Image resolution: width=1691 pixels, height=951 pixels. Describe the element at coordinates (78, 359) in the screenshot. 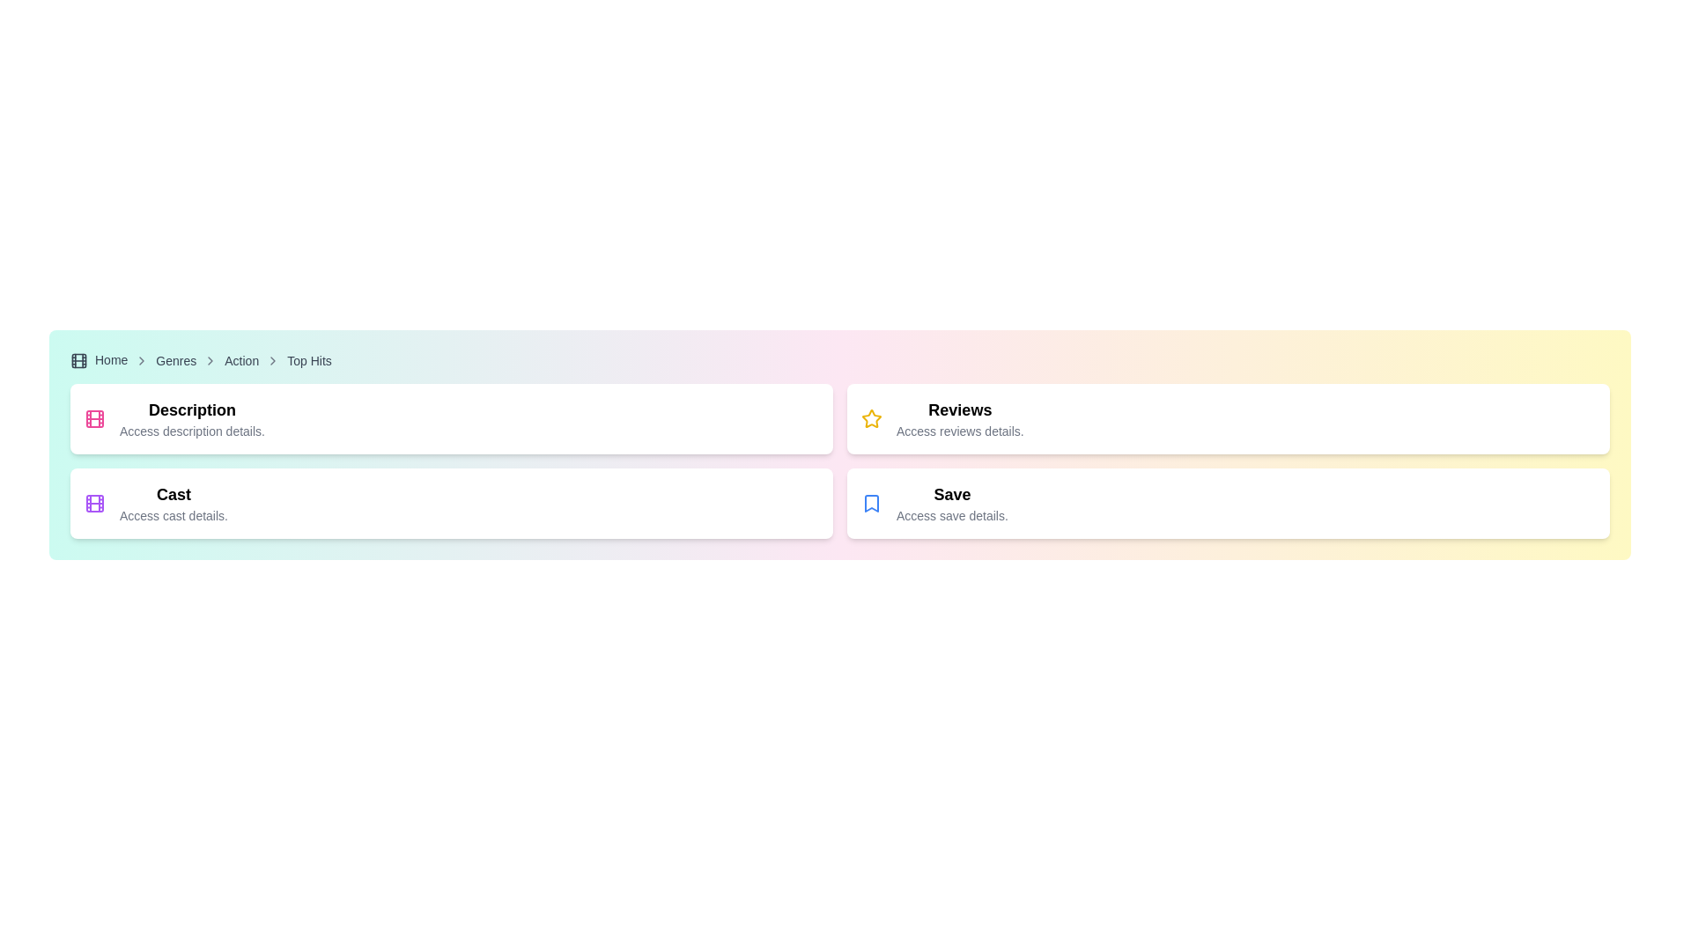

I see `the central part of the film icon located at the top-left corner of the page, which symbolizes a single frame within the illustrated film strip` at that location.